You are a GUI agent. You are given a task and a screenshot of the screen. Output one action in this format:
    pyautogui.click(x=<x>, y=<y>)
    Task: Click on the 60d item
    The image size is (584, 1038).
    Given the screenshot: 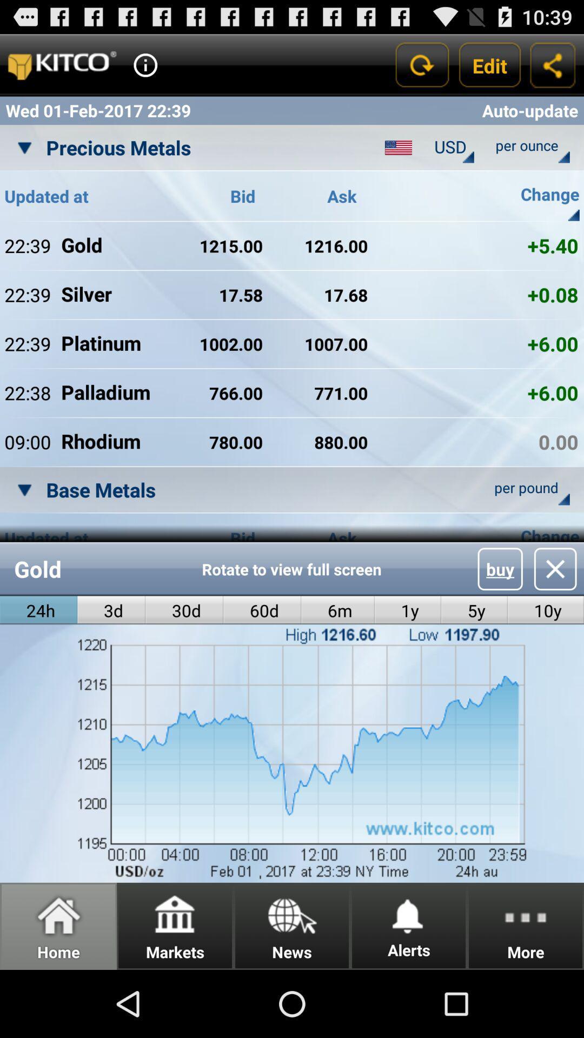 What is the action you would take?
    pyautogui.click(x=262, y=610)
    